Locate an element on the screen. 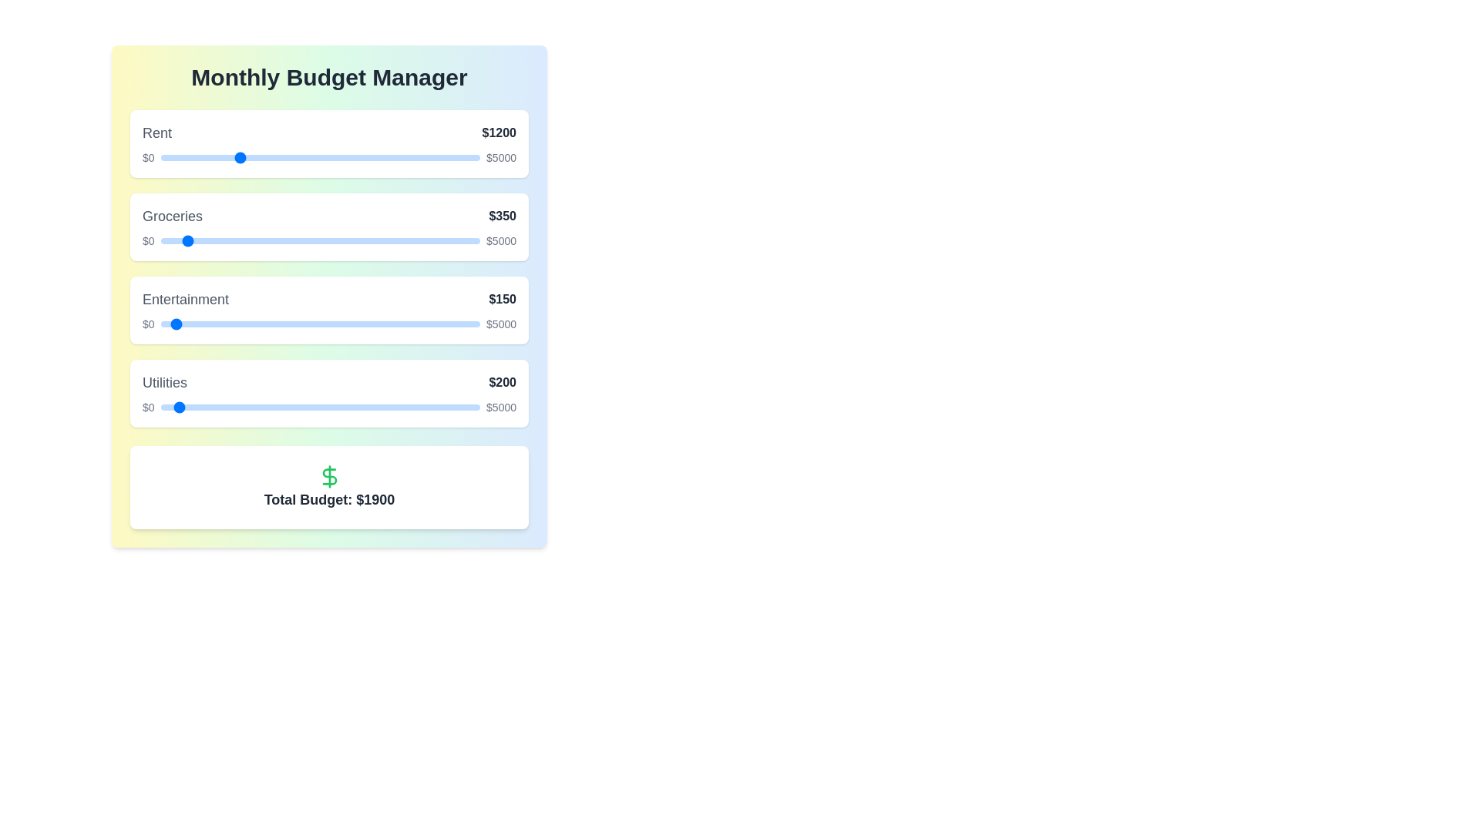 Image resolution: width=1480 pixels, height=832 pixels. the utilities budget is located at coordinates (229, 406).